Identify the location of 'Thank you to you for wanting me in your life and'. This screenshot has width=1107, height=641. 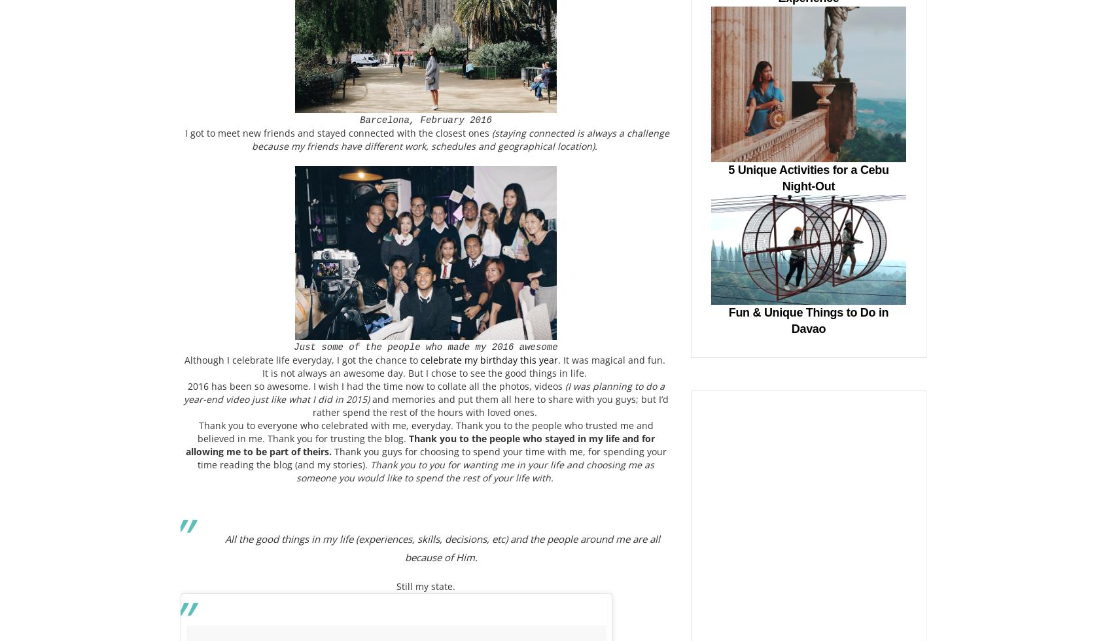
(477, 464).